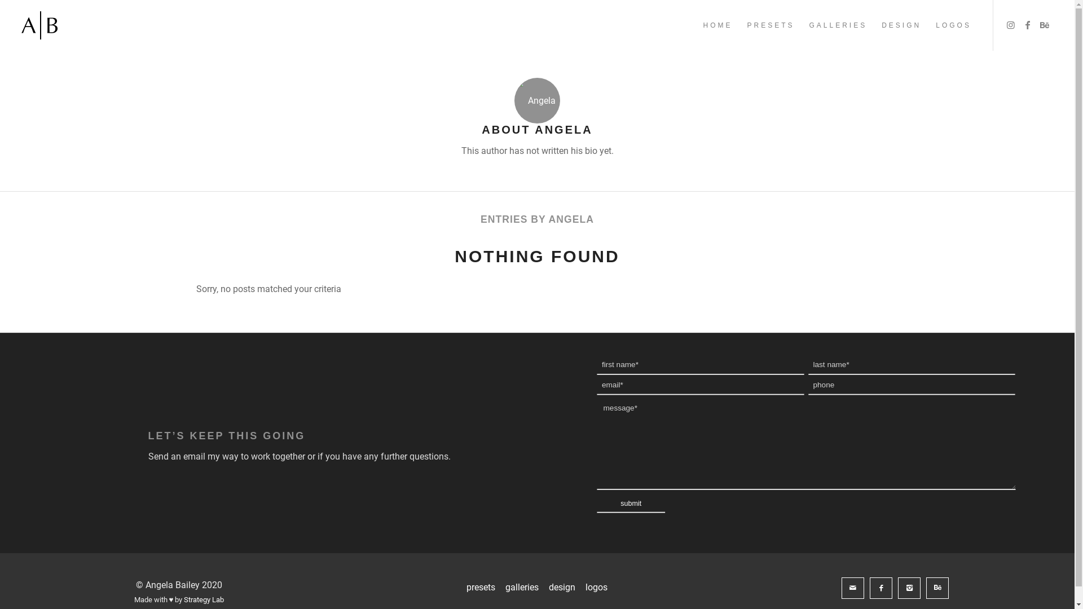  Describe the element at coordinates (521, 588) in the screenshot. I see `'galleries'` at that location.